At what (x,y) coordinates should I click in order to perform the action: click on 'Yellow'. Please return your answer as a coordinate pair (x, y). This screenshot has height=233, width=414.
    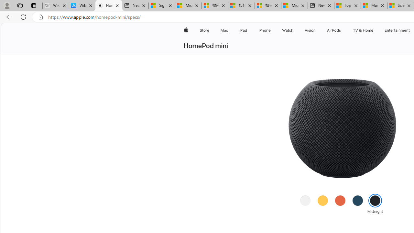
    Looking at the image, I should click on (322, 200).